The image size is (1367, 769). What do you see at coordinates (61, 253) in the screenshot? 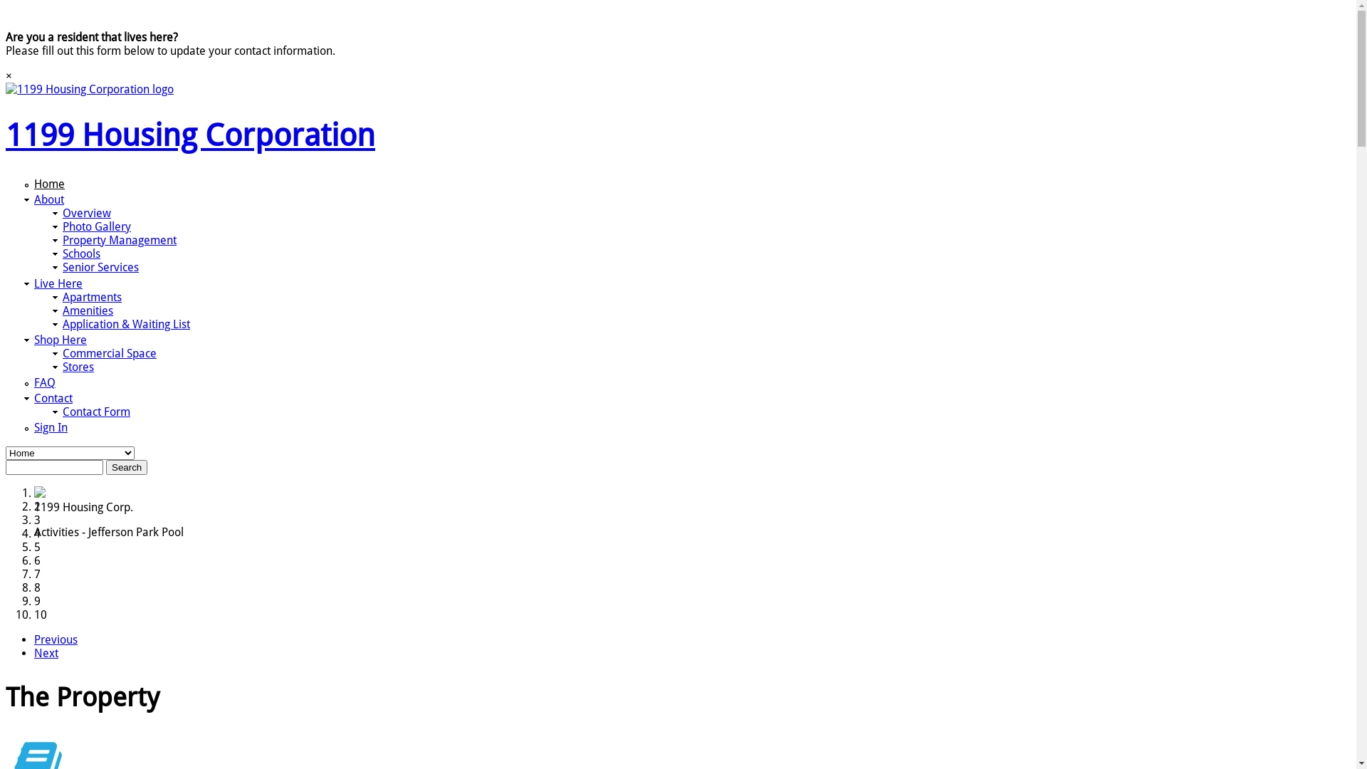
I see `'Schools'` at bounding box center [61, 253].